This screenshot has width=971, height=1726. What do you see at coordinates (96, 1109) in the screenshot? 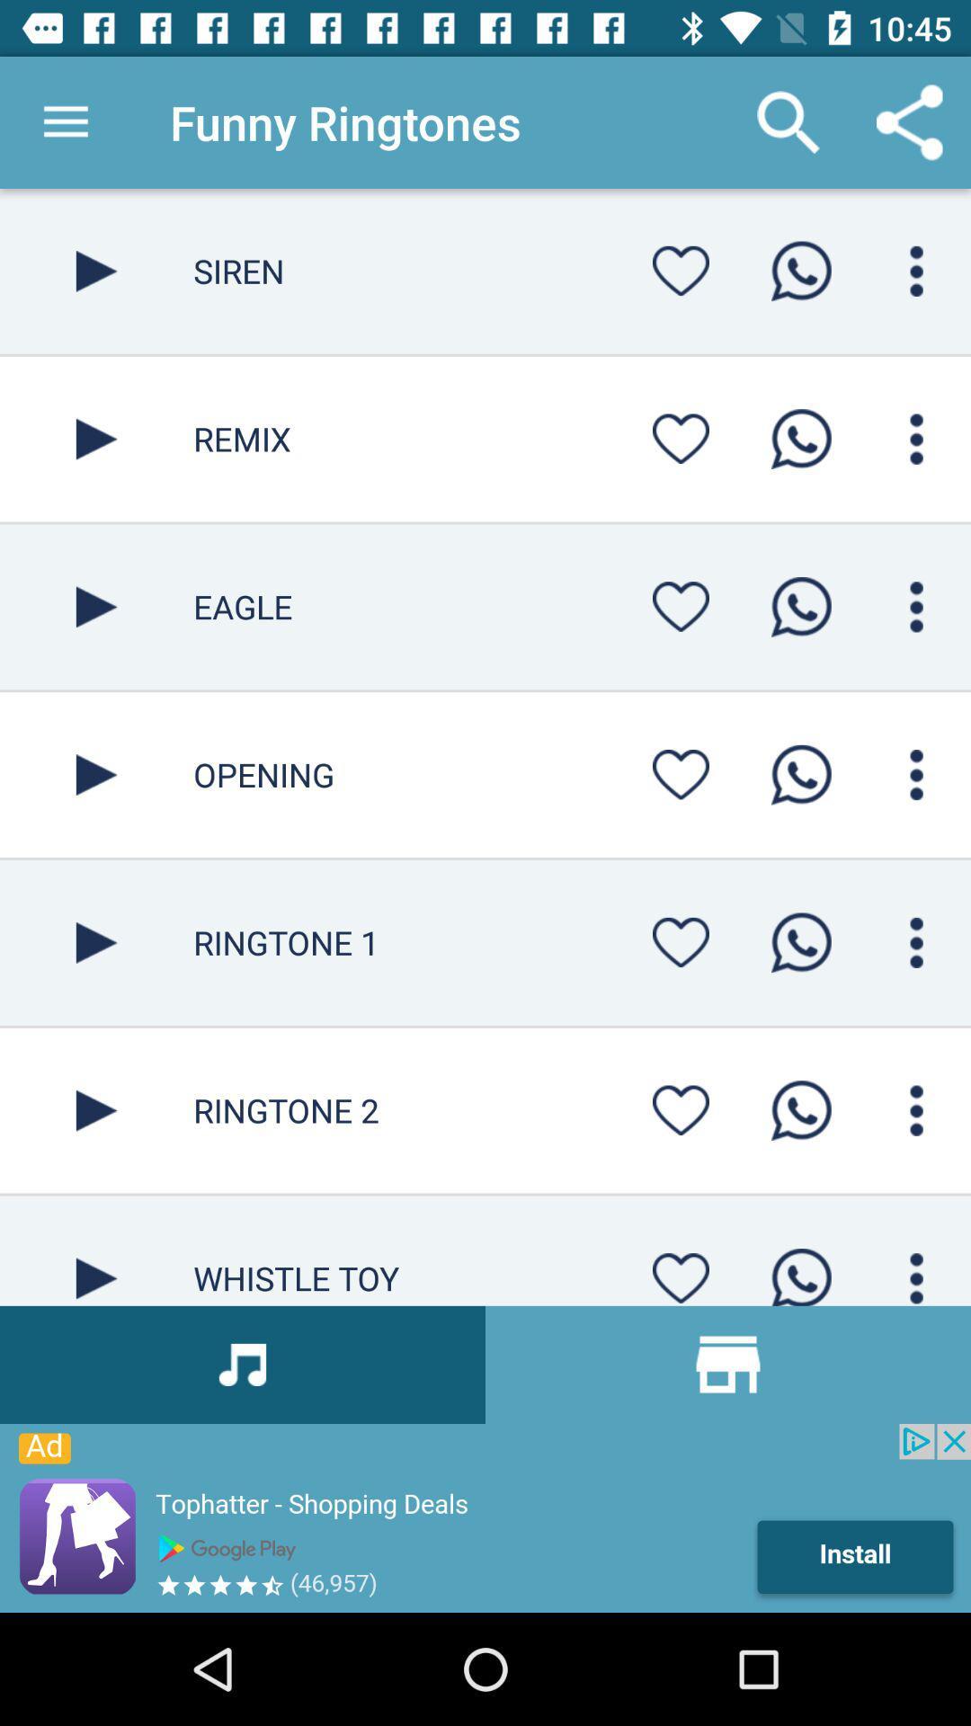
I see `page` at bounding box center [96, 1109].